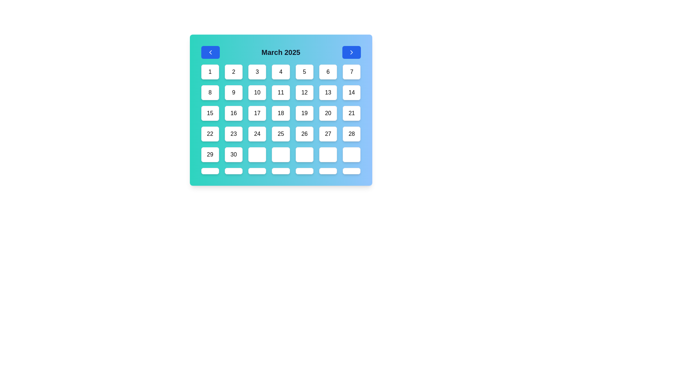 The height and width of the screenshot is (385, 684). What do you see at coordinates (209, 113) in the screenshot?
I see `the white square button with rounded corners displaying the bold text '15'` at bounding box center [209, 113].